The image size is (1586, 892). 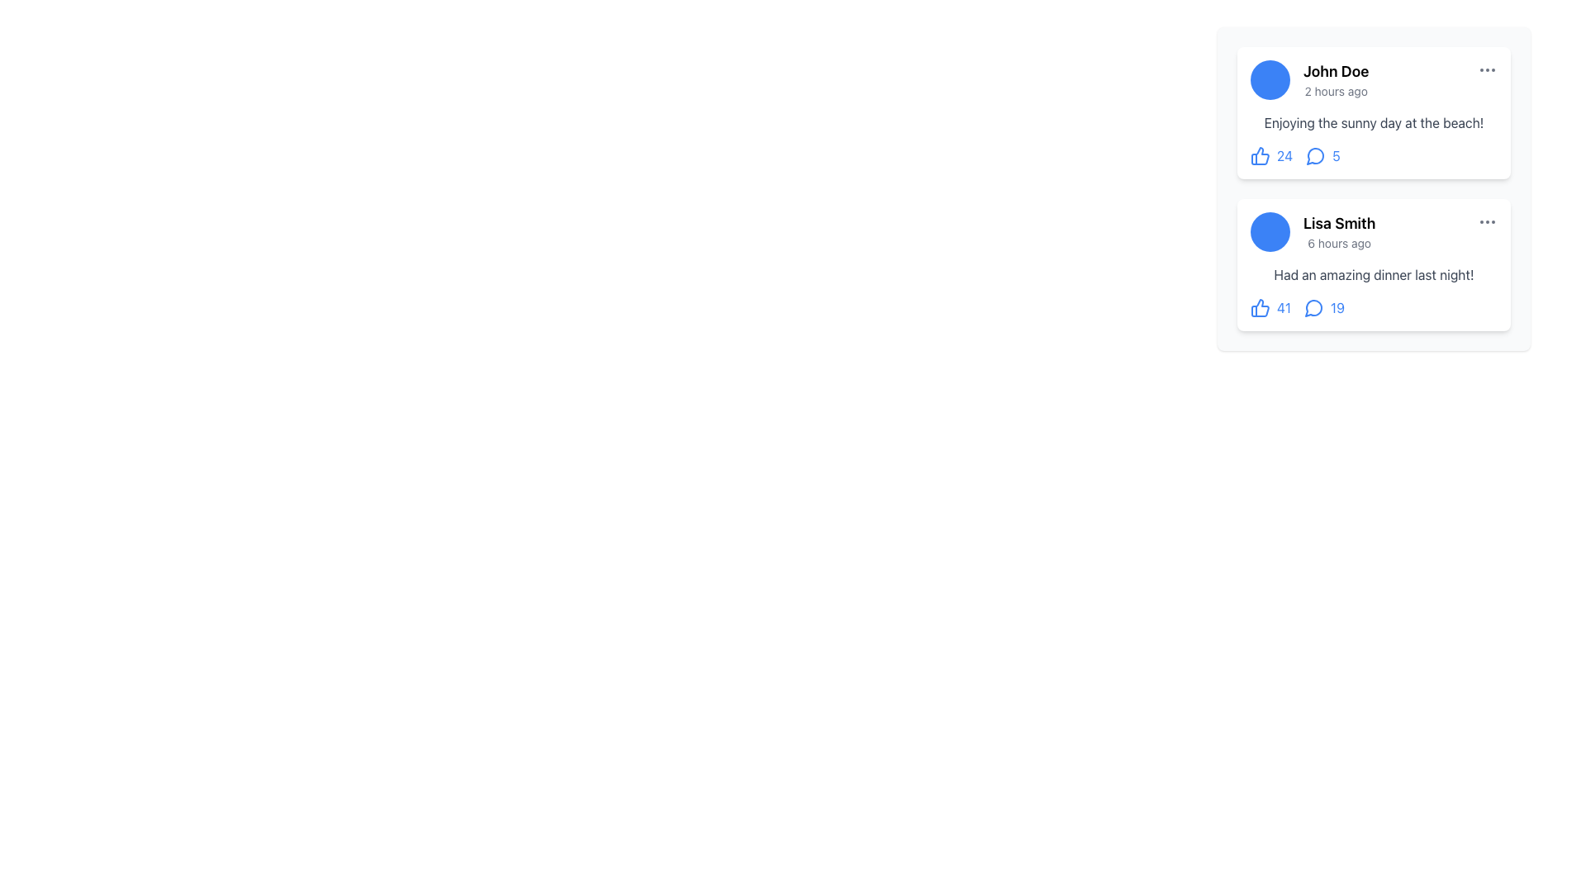 I want to click on the text label stating '2 hours ago', which is positioned beneath the username 'John Doe' in a clean font and gray color, so click(x=1336, y=92).